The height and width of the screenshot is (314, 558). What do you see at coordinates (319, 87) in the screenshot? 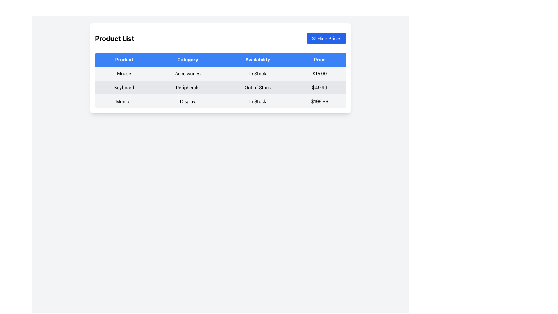
I see `displayed price value of '$49.99' located in the 'Price' column under the 'Keyboard' row, which is the last element in that row` at bounding box center [319, 87].